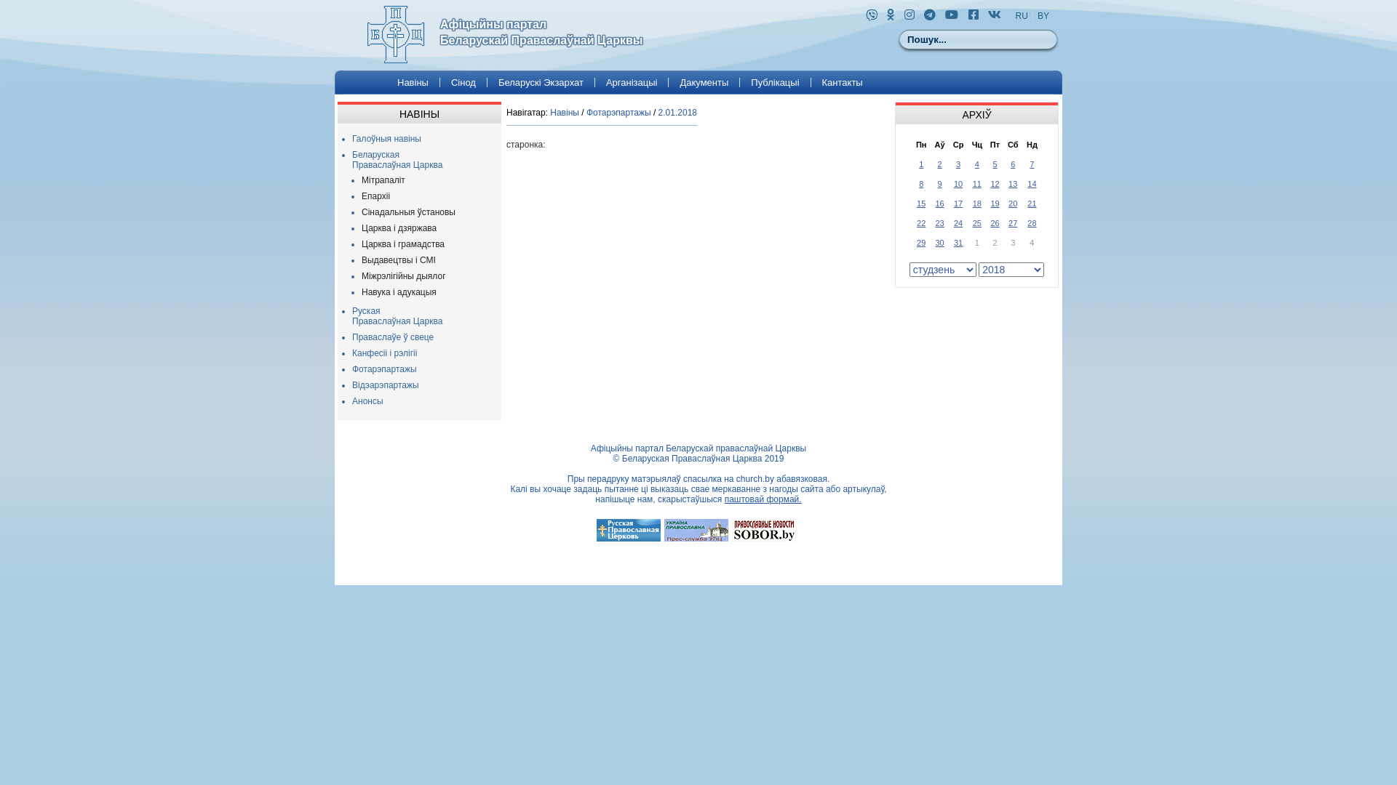  Describe the element at coordinates (958, 164) in the screenshot. I see `'3'` at that location.